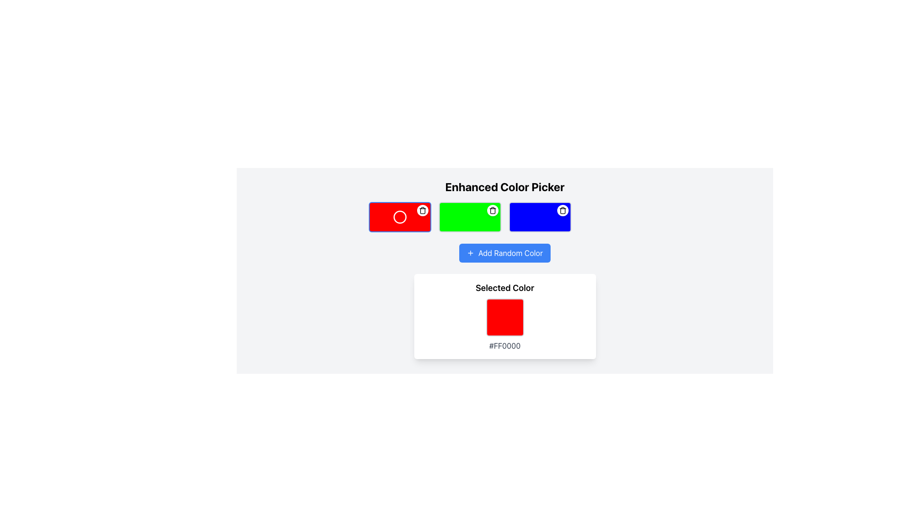 The image size is (909, 511). I want to click on the circular delete button with a trash can icon located in the top-right corner of the green card-like component, so click(492, 210).